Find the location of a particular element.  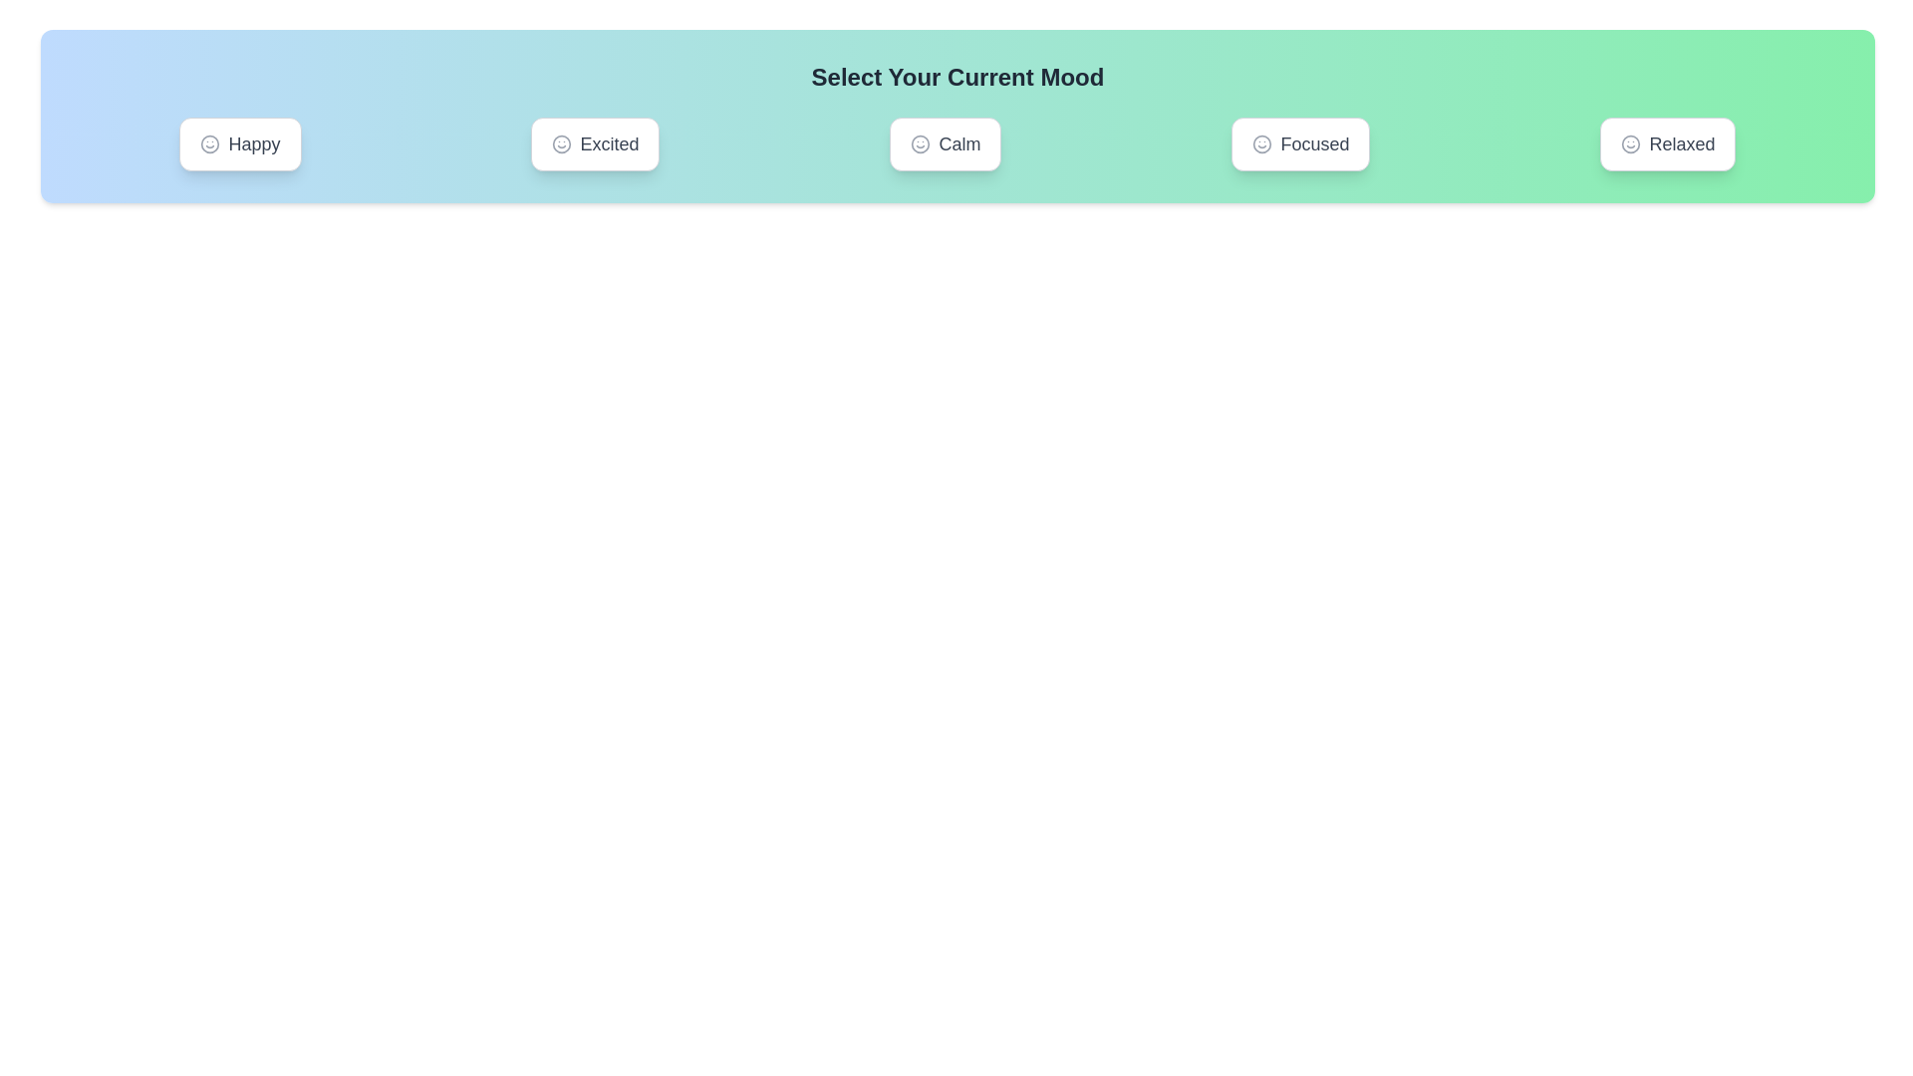

the mood button labeled Calm is located at coordinates (945, 143).